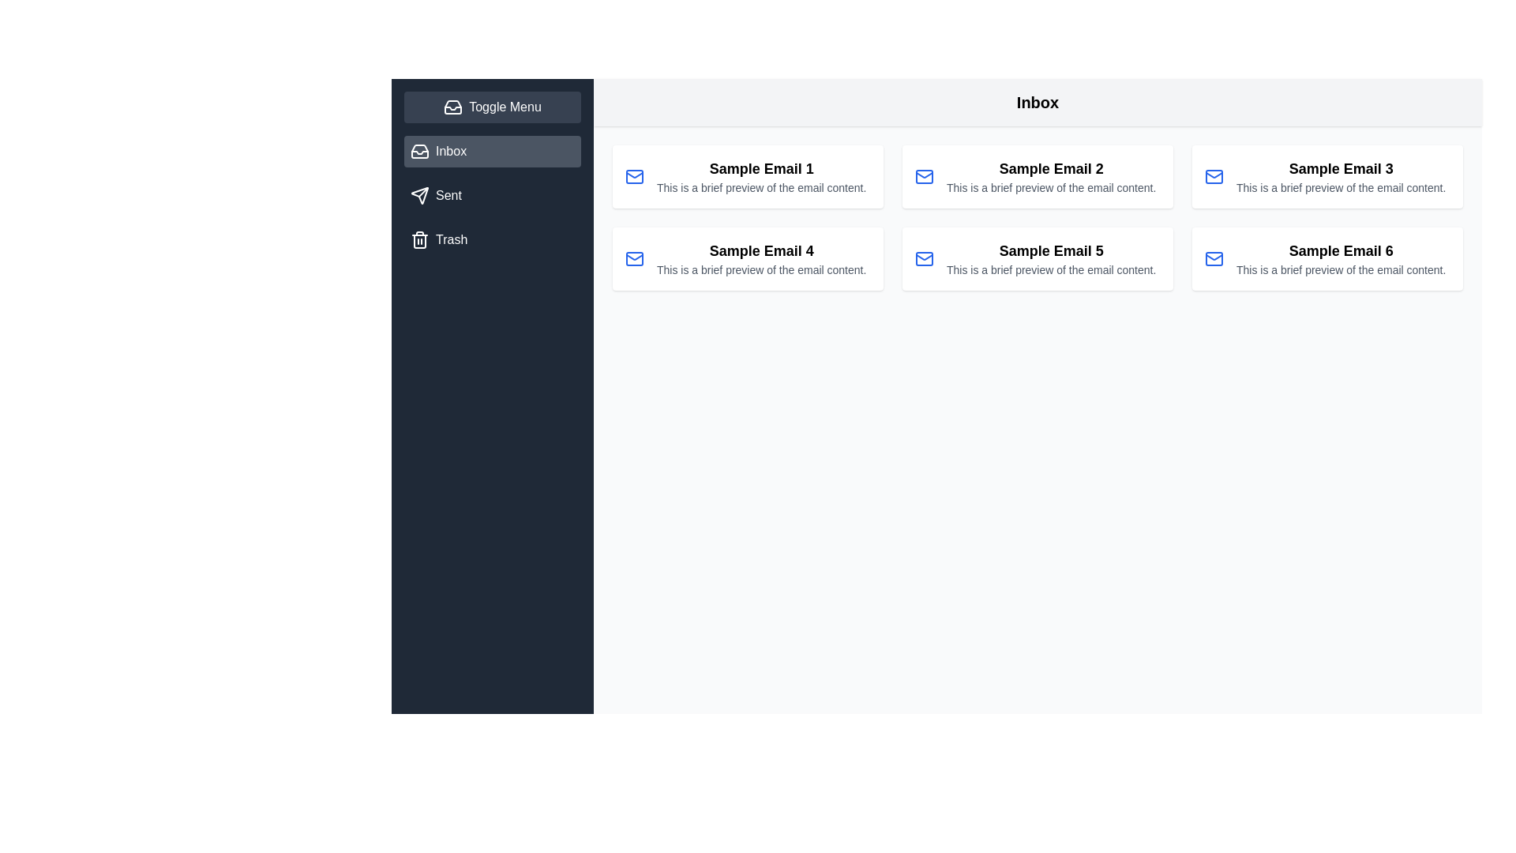 This screenshot has width=1516, height=853. I want to click on the 'Toggle Menu' button, which is the first item in the vertical stack of the sidebar on the left side of the interface, so click(492, 107).